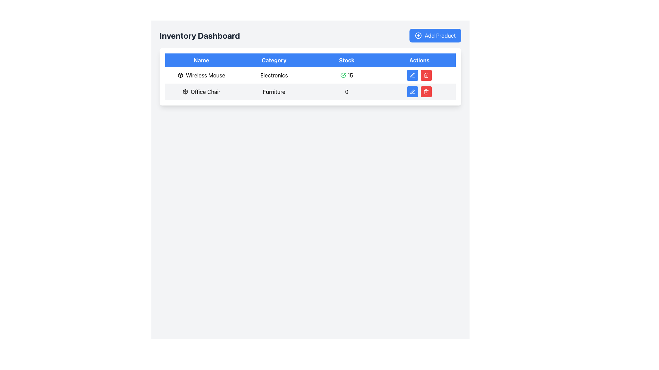 The height and width of the screenshot is (370, 659). Describe the element at coordinates (347, 91) in the screenshot. I see `the zero stock availability icon for the 'Office Chair' item, which is located in the 'Stock' column of the table, following the 'Furniture' entry in the 'Category' column` at that location.